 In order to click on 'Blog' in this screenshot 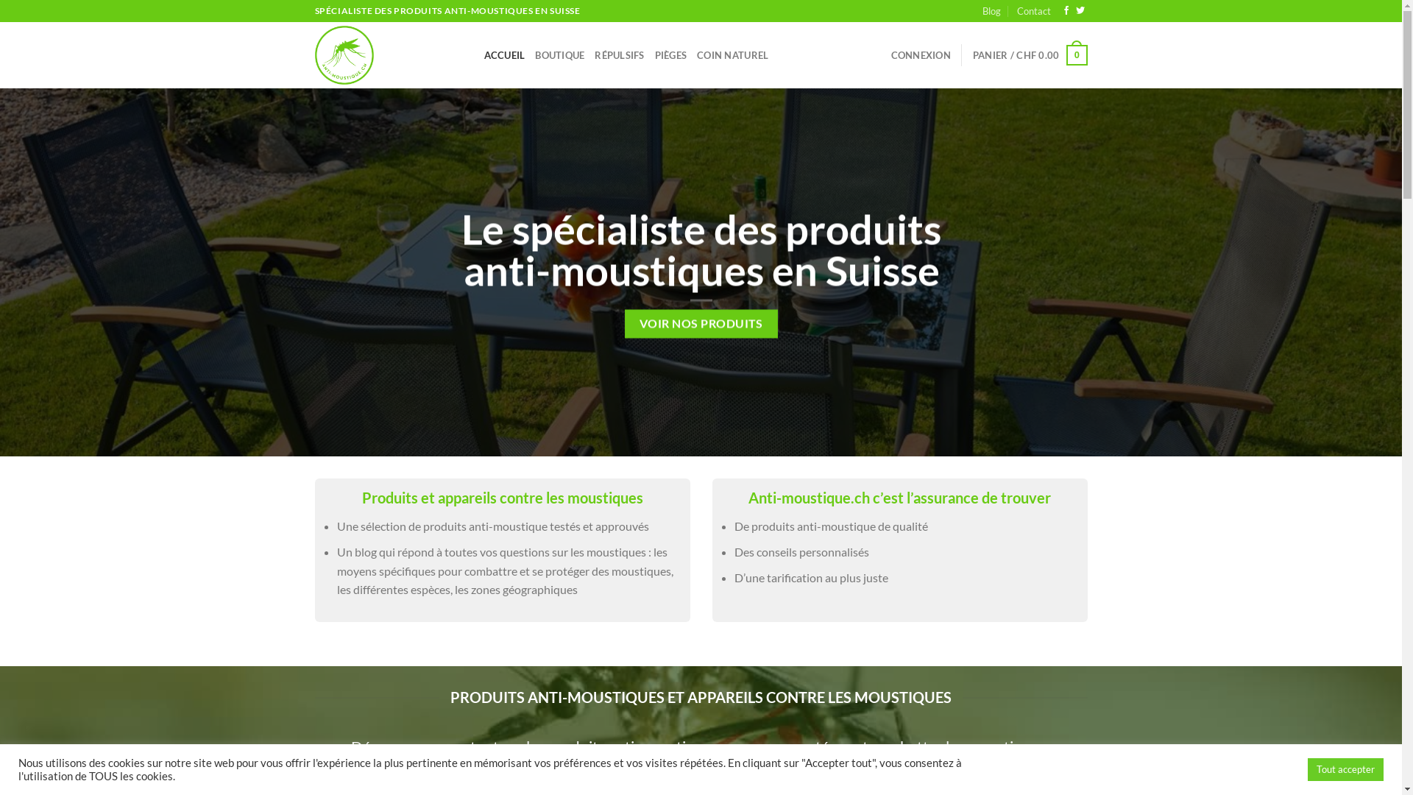, I will do `click(991, 11)`.